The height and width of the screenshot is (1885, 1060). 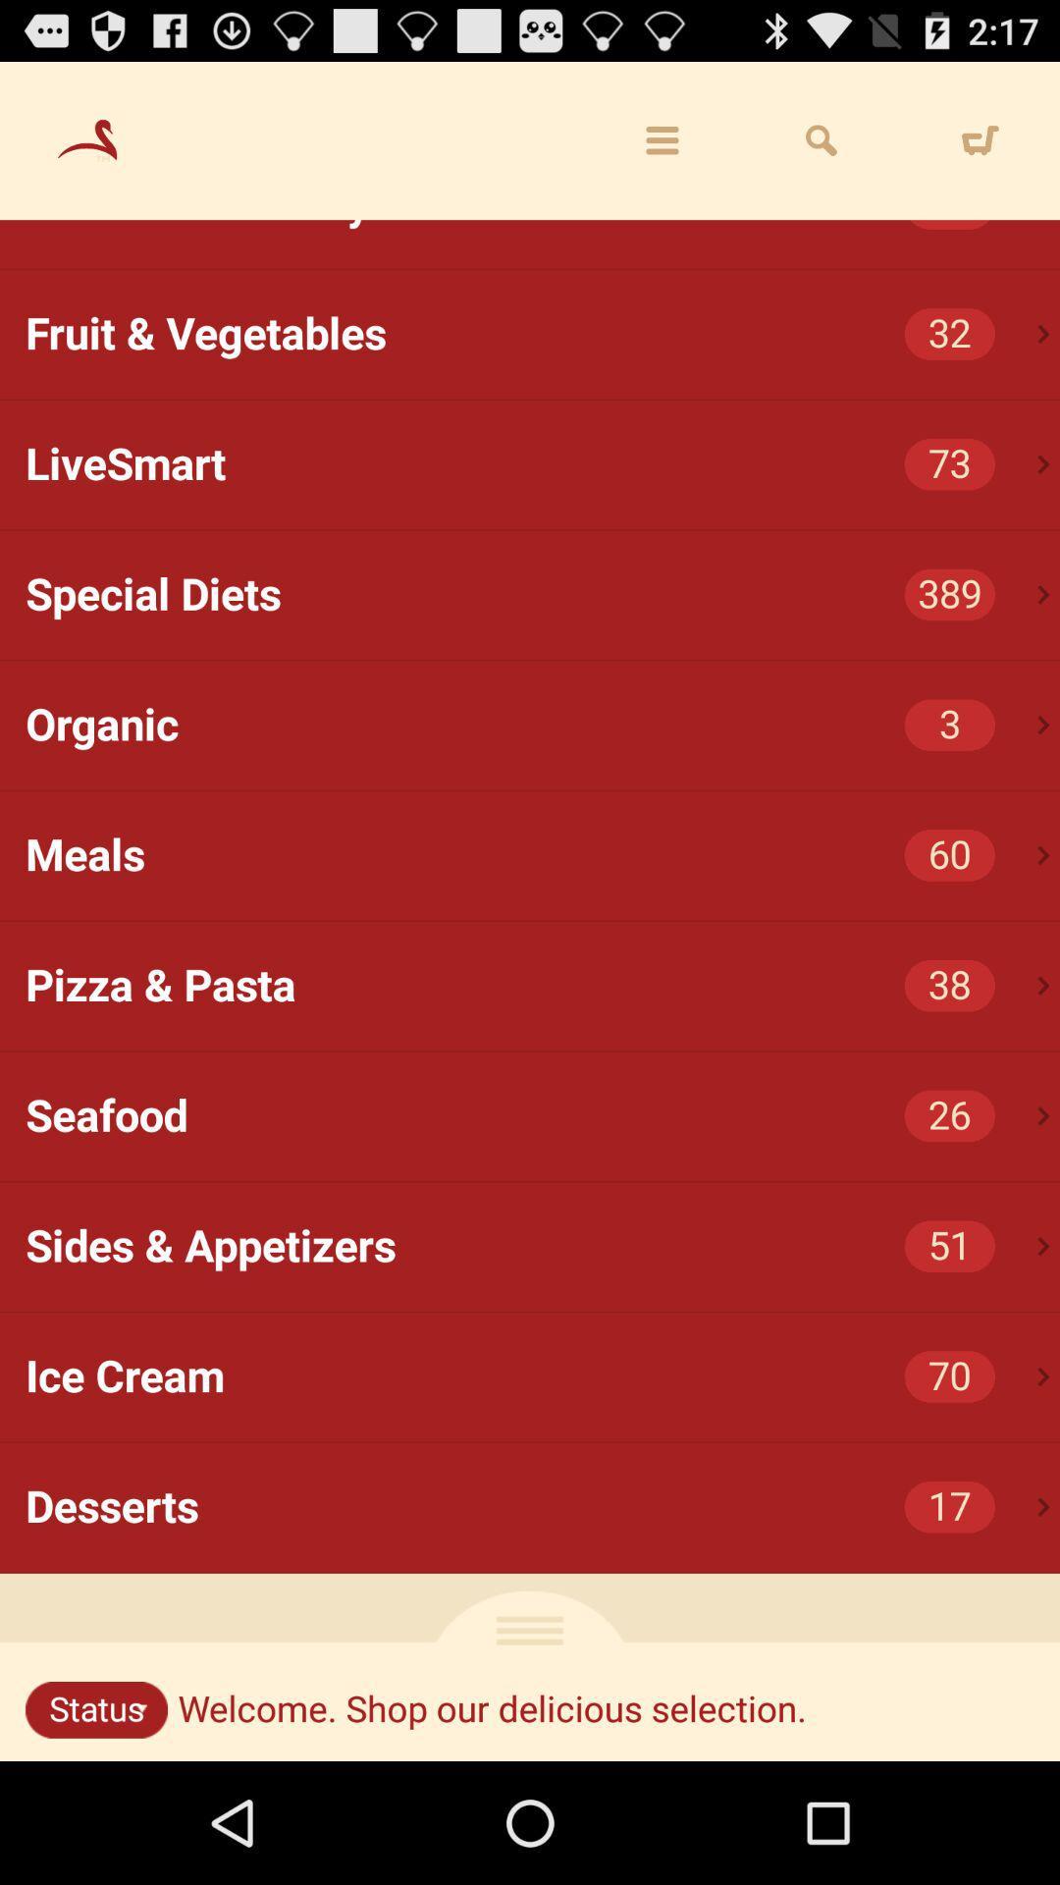 I want to click on the 3 icon, so click(x=948, y=724).